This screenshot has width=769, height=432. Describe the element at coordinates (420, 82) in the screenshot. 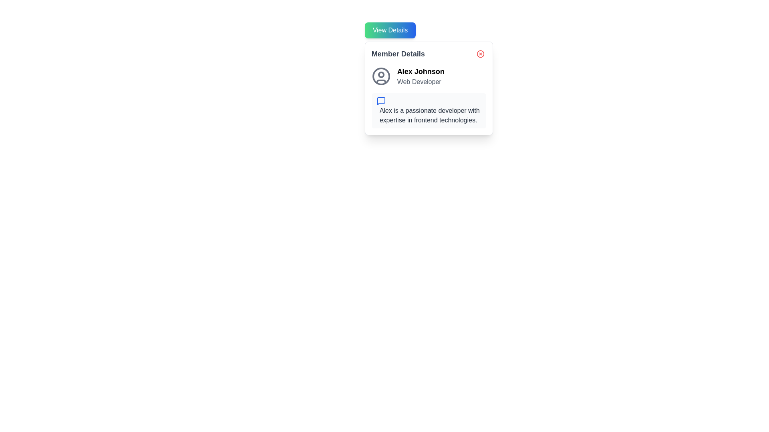

I see `the Text Label indicating the profession or role of 'Alex Johnson' within the 'Member Details' card, which is positioned below the name 'Alex Johnson'` at that location.